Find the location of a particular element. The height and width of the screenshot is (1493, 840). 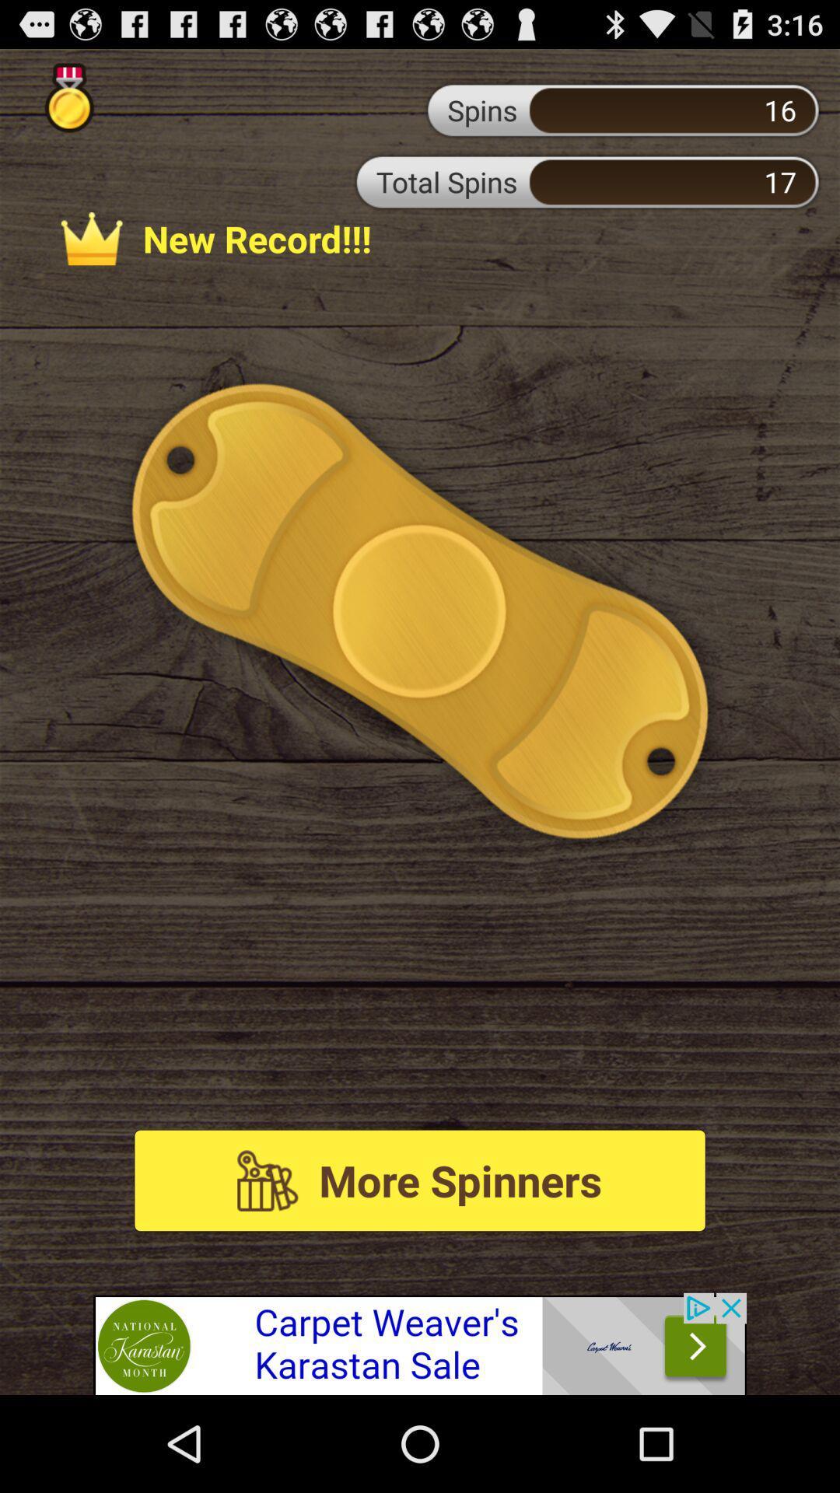

show gold medals earned is located at coordinates (68, 96).